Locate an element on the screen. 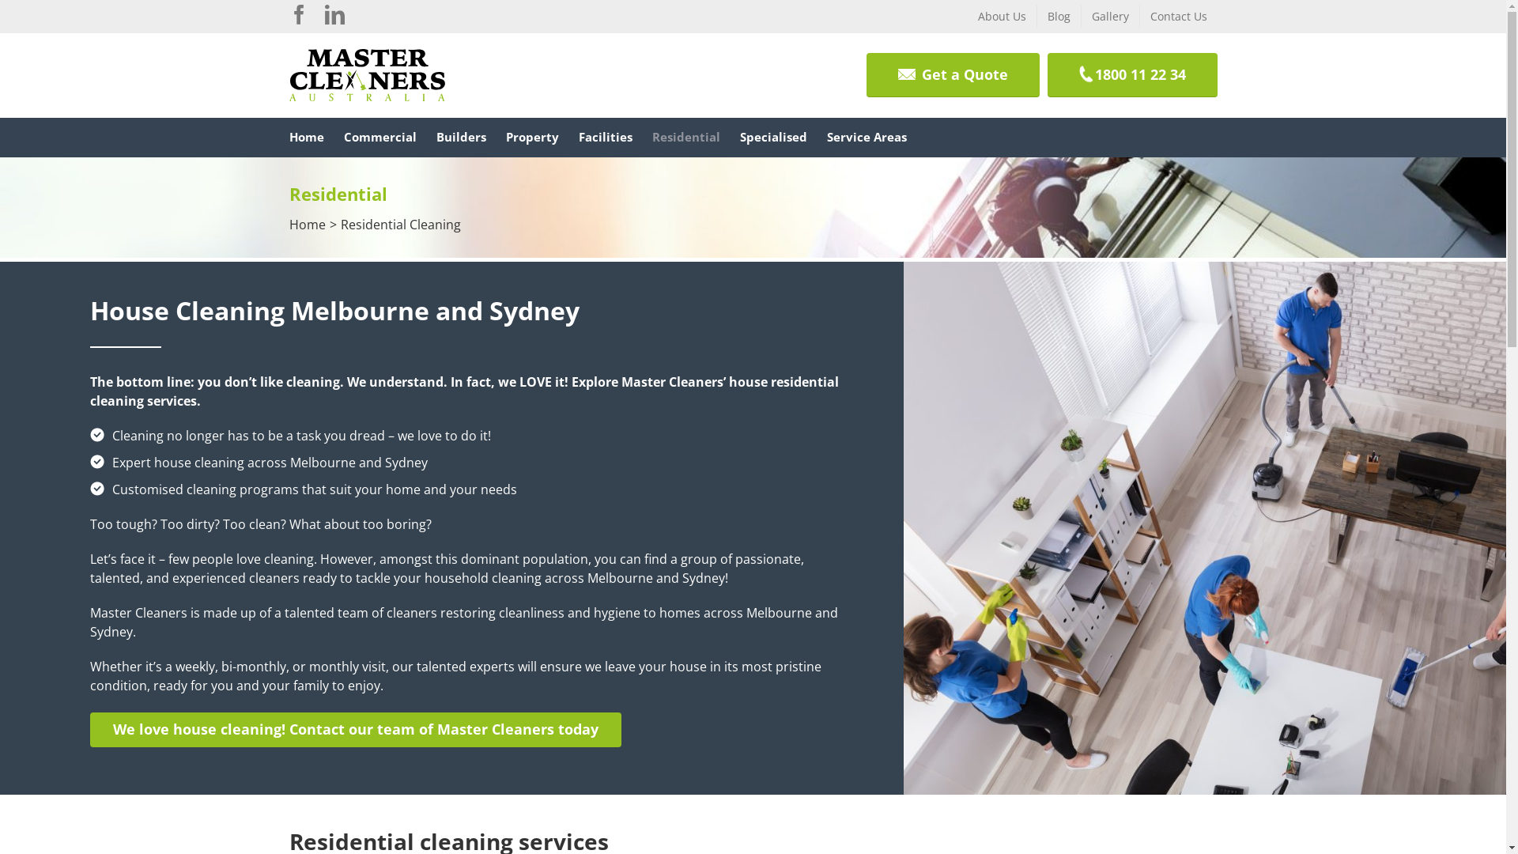  'Facebook' is located at coordinates (289, 14).